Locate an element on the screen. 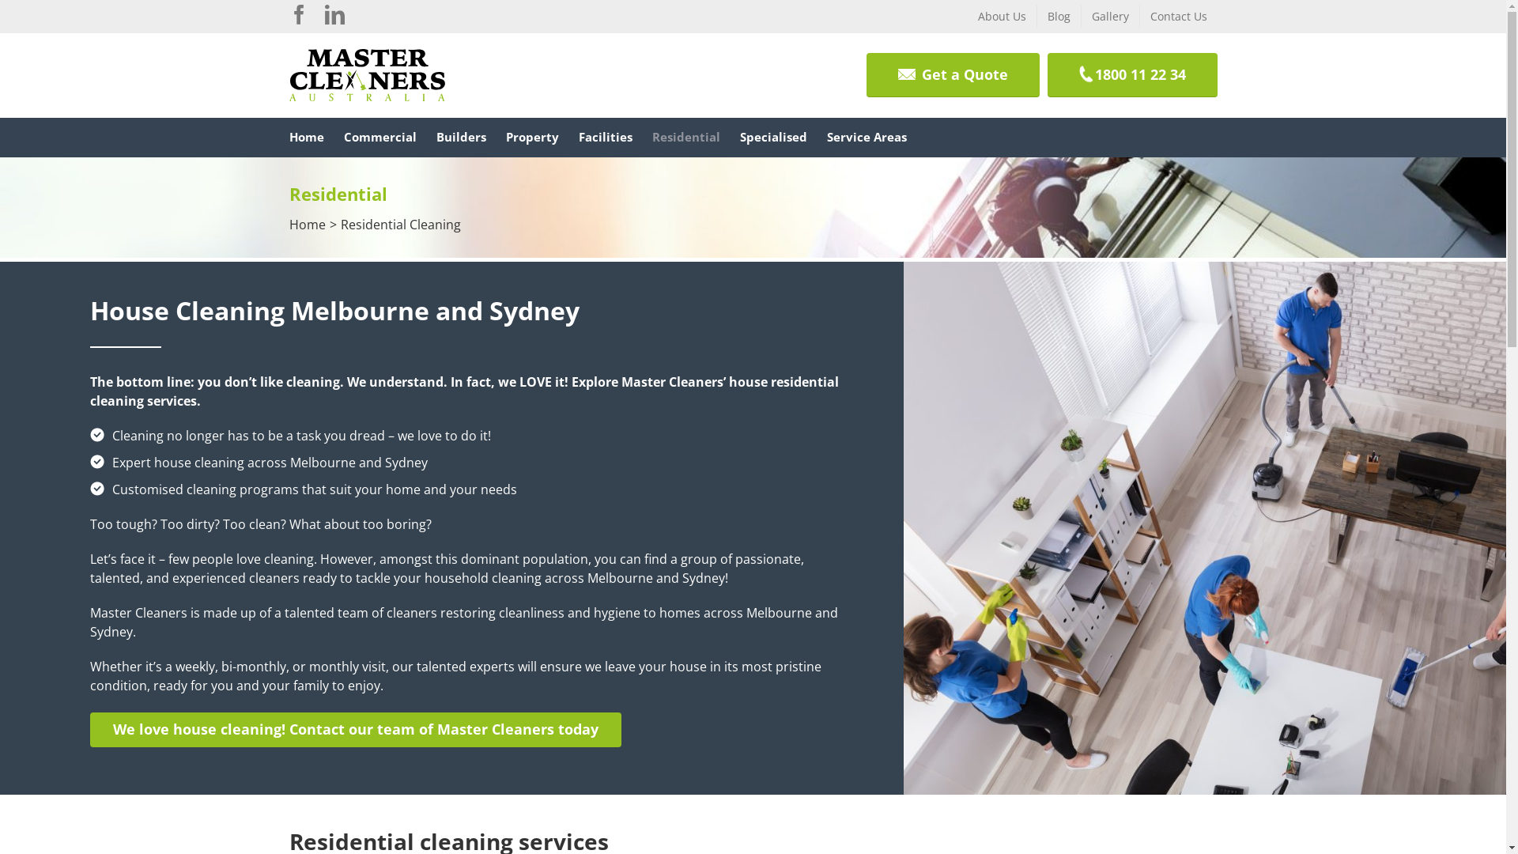  'Facebook' is located at coordinates (289, 14).